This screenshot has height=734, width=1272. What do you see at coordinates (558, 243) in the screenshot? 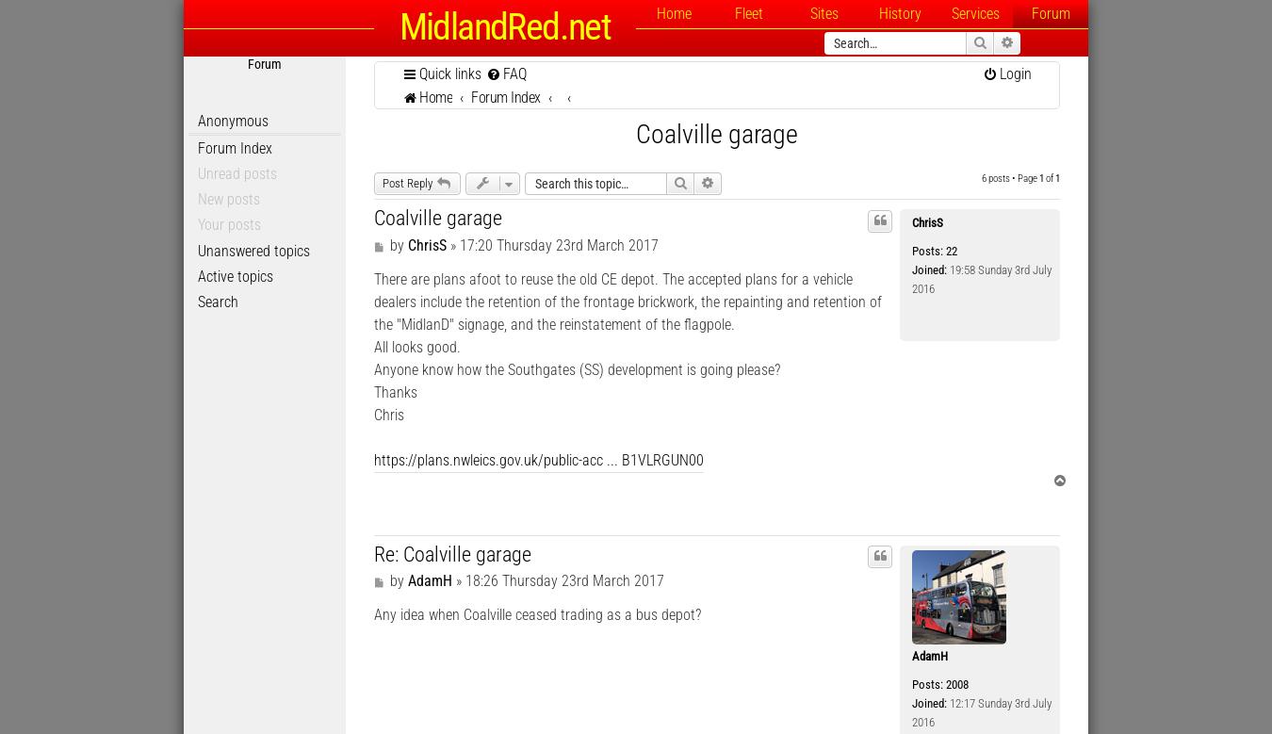
I see `'17:20 Thursday 23rd March 2017'` at bounding box center [558, 243].